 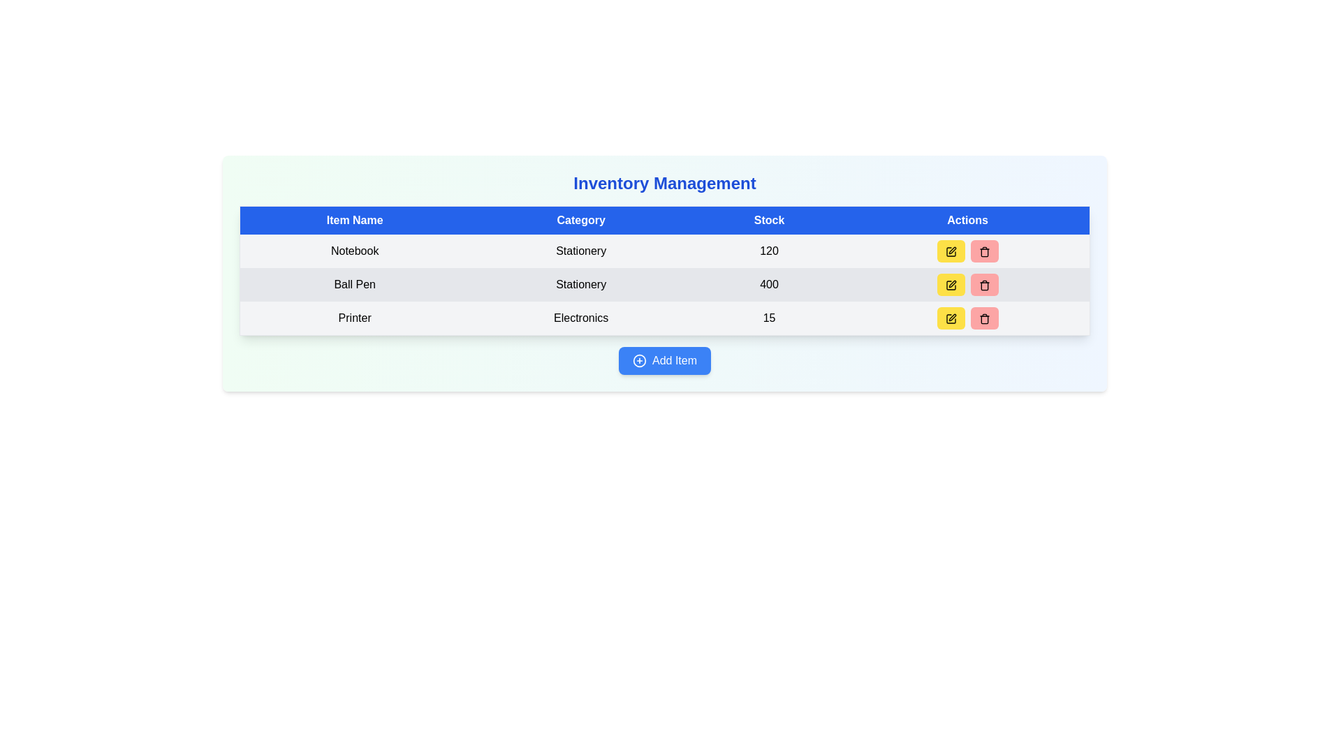 What do you see at coordinates (354, 220) in the screenshot?
I see `the 'Item Name' text label, which is the first column header in a table layout, featuring bold white text on a prominent blue background` at bounding box center [354, 220].